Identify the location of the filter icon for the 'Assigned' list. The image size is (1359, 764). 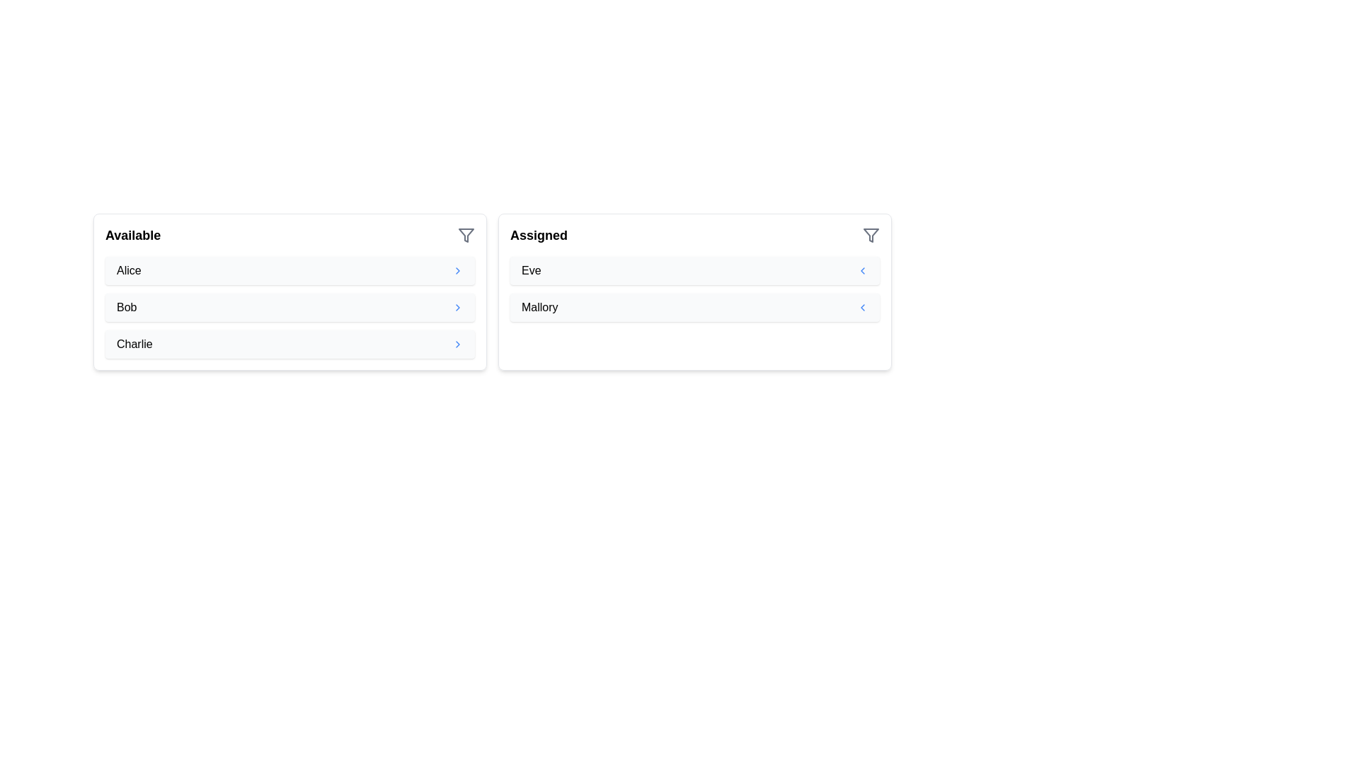
(870, 234).